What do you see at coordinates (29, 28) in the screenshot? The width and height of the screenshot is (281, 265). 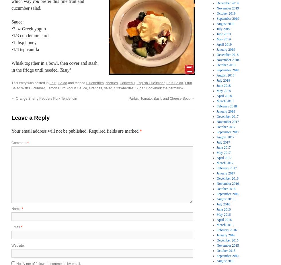 I see `'•7 oz Greek yogurt'` at bounding box center [29, 28].